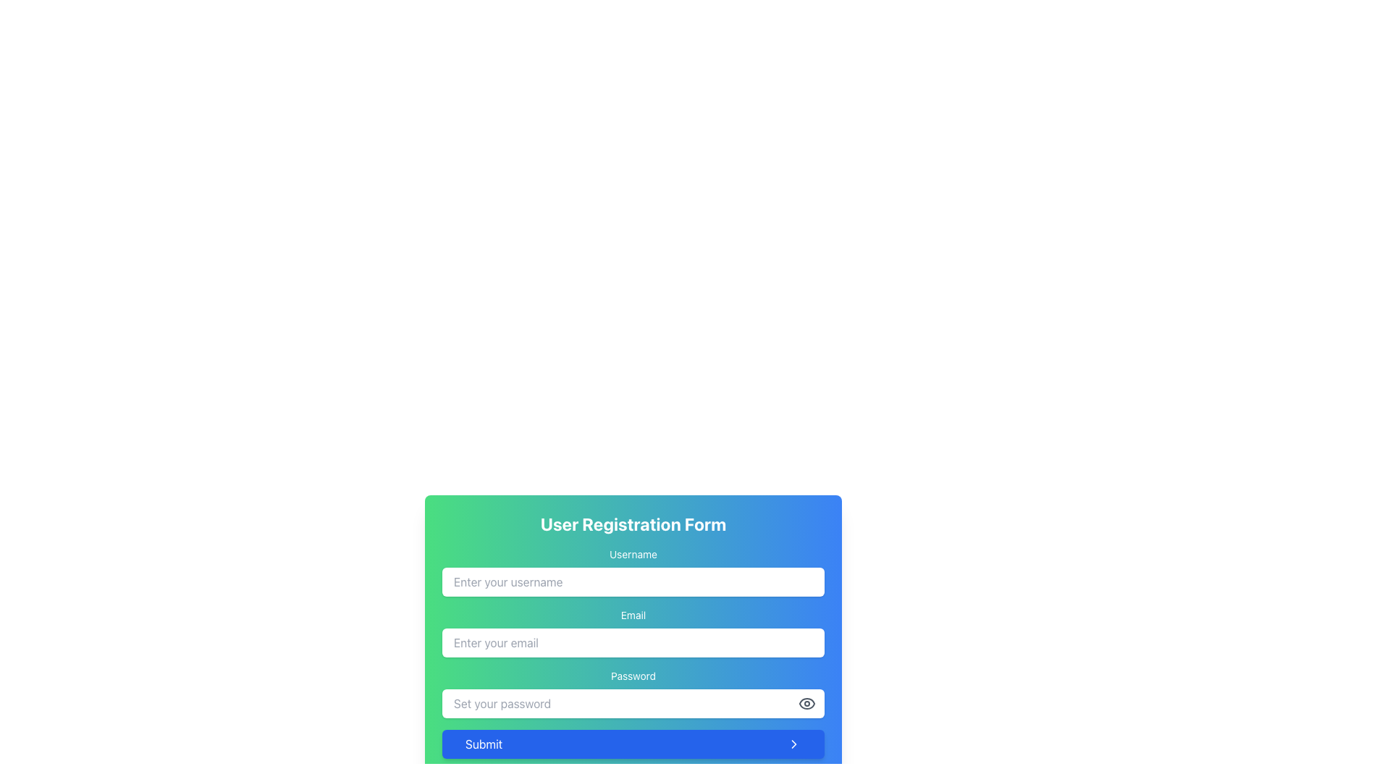  I want to click on the 'Username' text label, which is styled in white and positioned above the username input field within a colorful gradient box transitioning from green to blue, so click(633, 554).